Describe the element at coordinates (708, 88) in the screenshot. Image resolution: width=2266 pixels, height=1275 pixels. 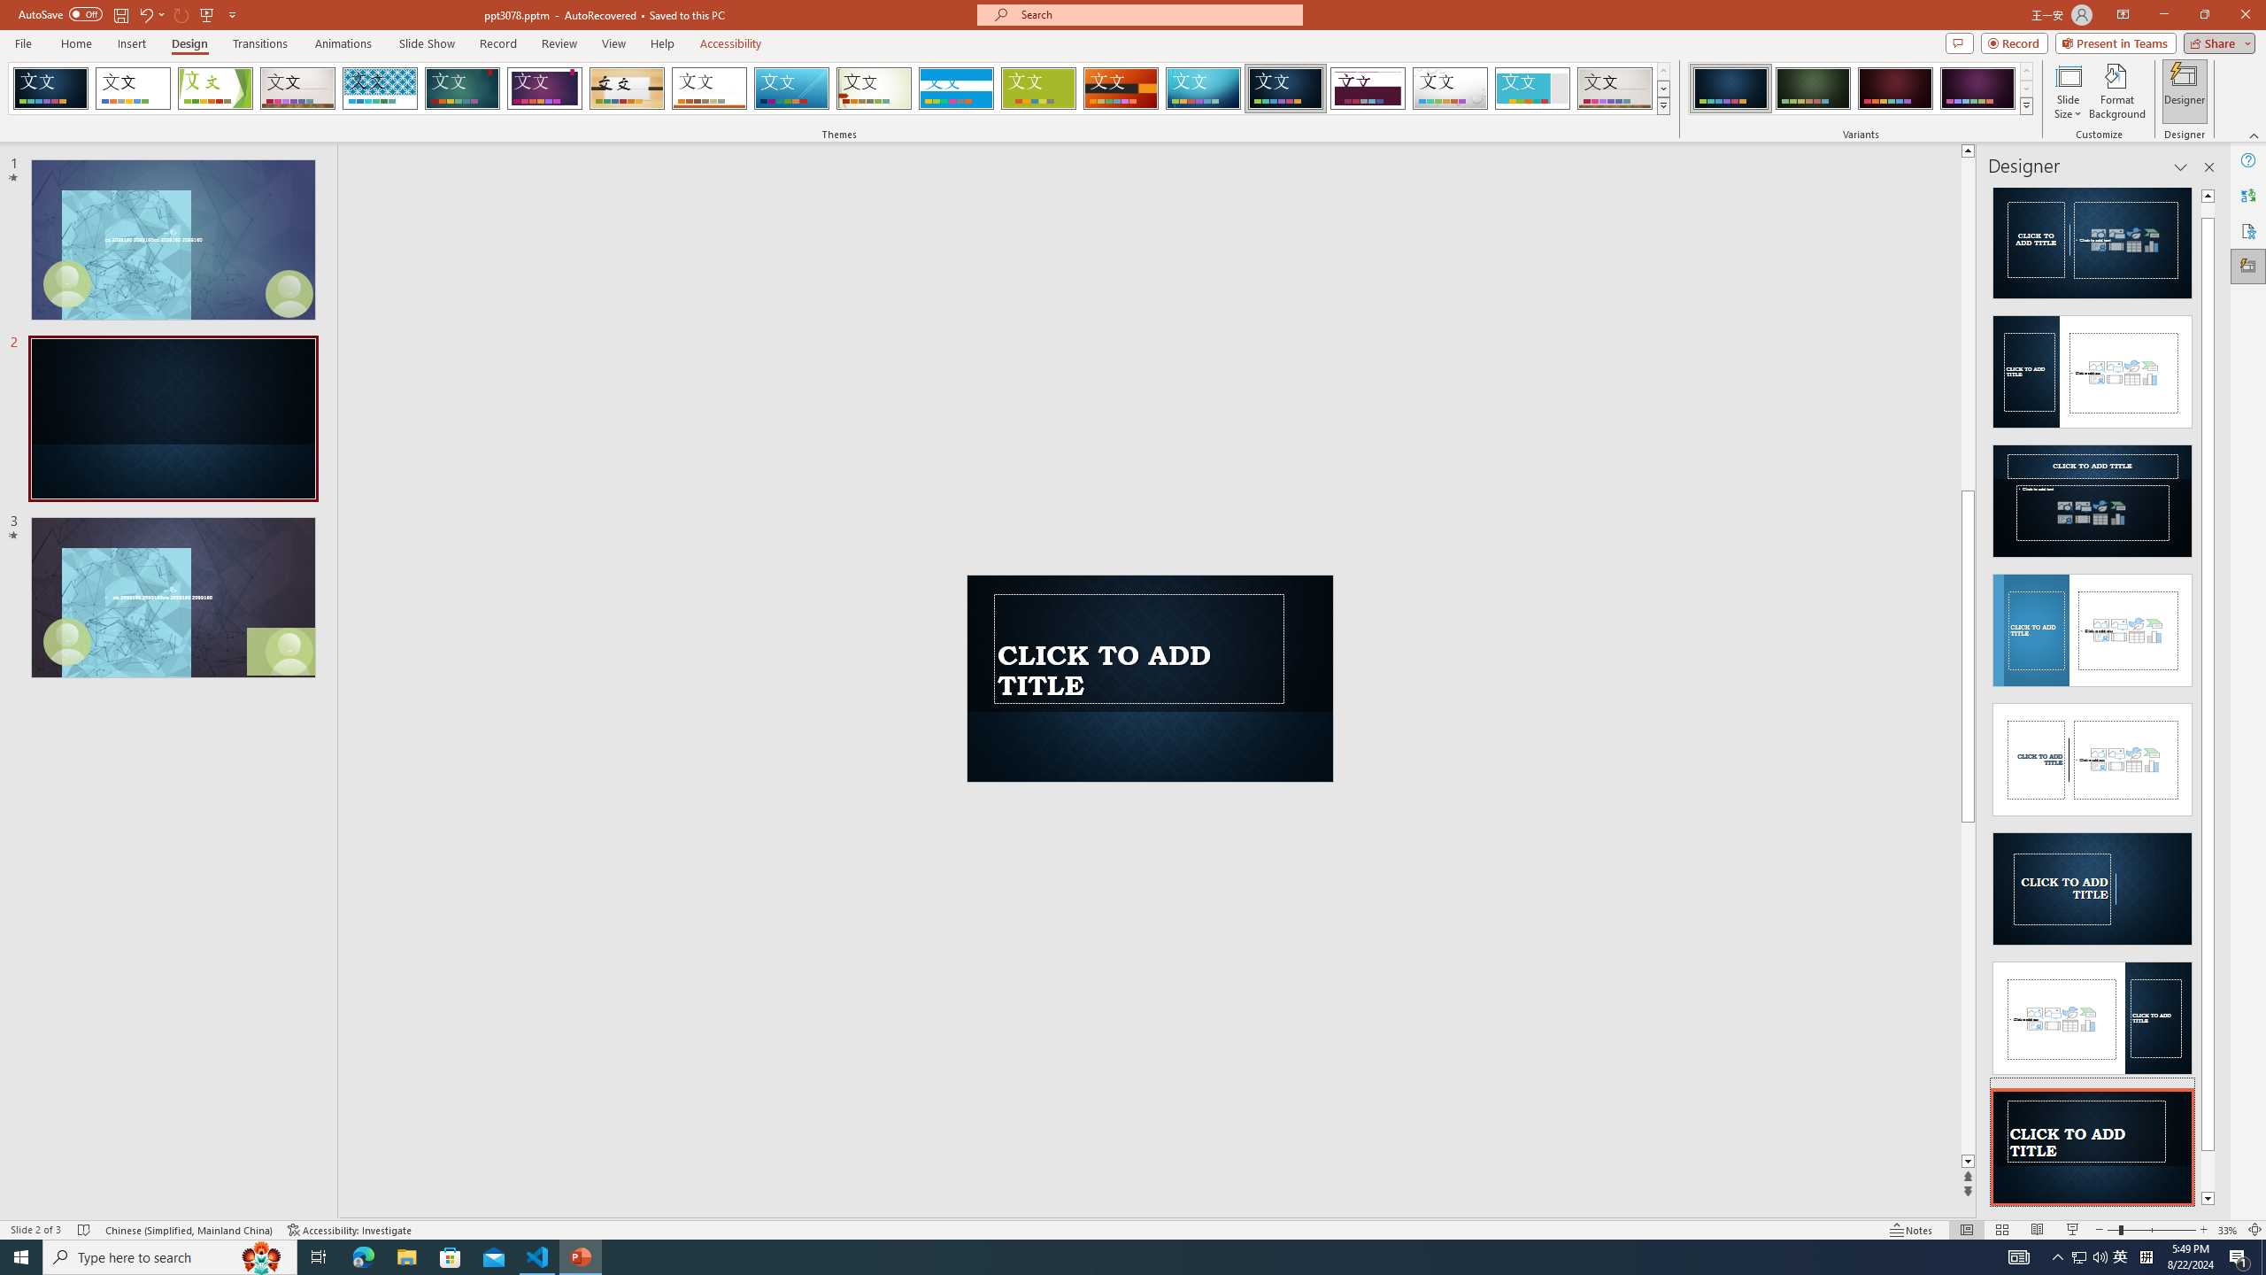
I see `'Retrospect'` at that location.